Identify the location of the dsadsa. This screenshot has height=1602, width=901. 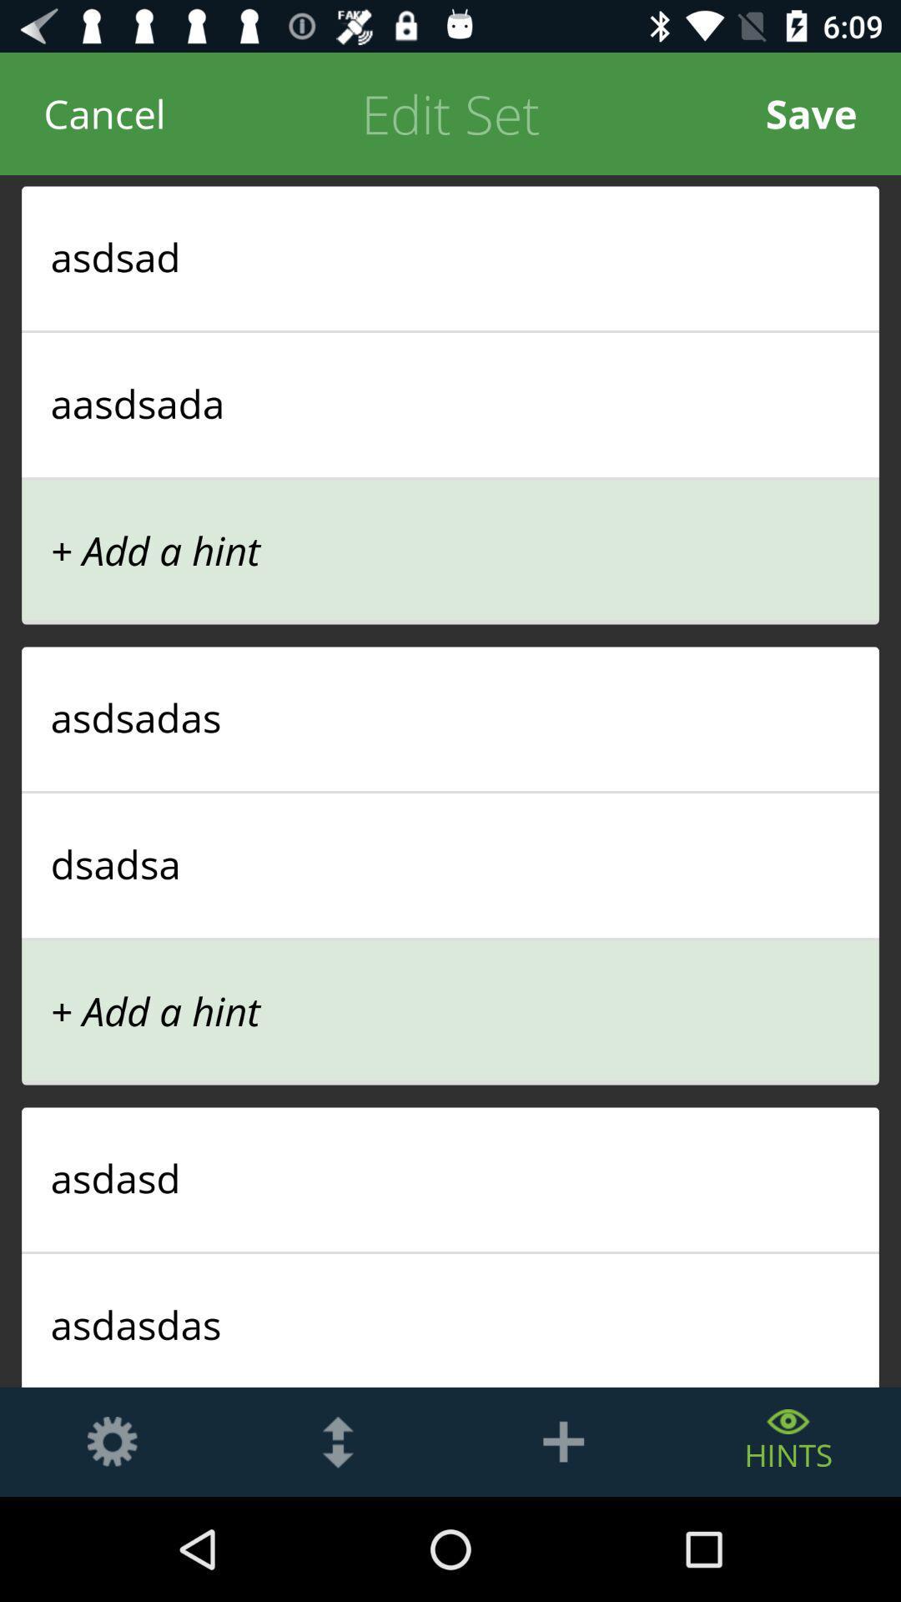
(450, 864).